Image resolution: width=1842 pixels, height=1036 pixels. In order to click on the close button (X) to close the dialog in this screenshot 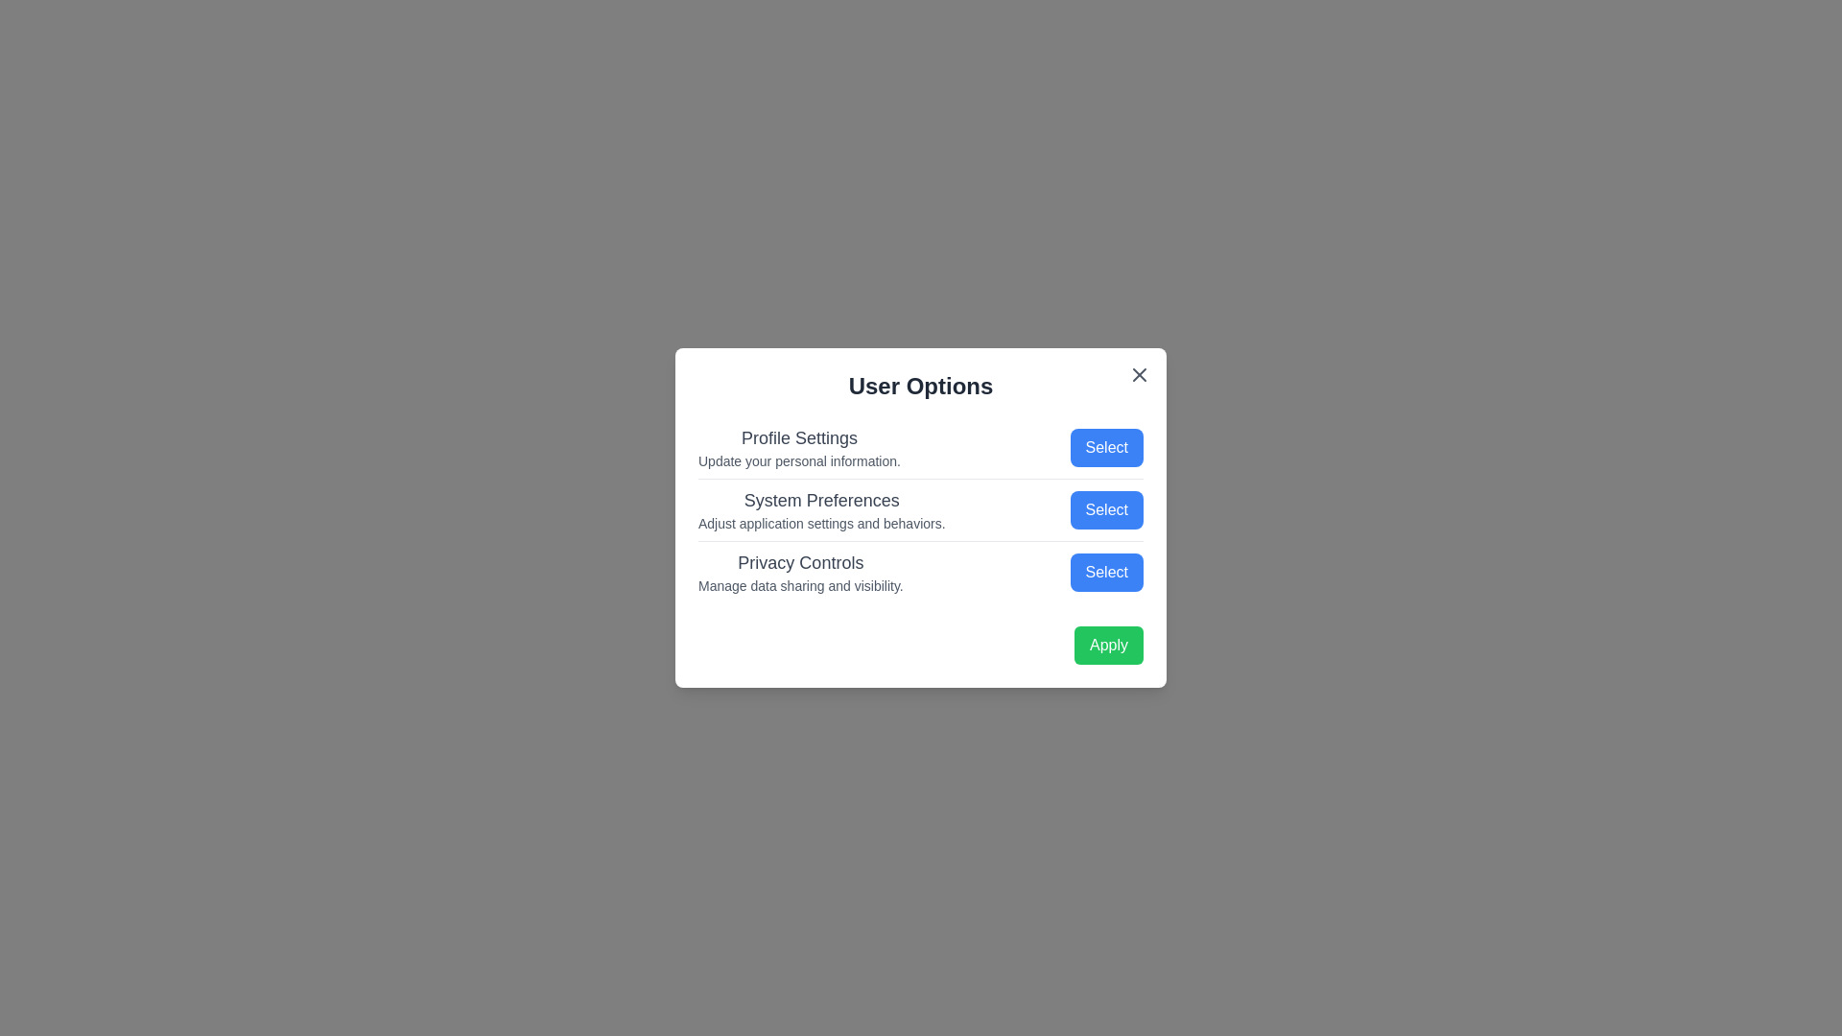, I will do `click(1140, 374)`.